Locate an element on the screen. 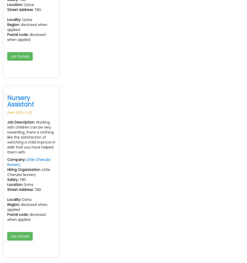 The width and height of the screenshot is (247, 263). 'Working with children can be very rewarding, there is nothing like the satisfaction of watching a child improve in skills that you have helped them with.' is located at coordinates (31, 137).